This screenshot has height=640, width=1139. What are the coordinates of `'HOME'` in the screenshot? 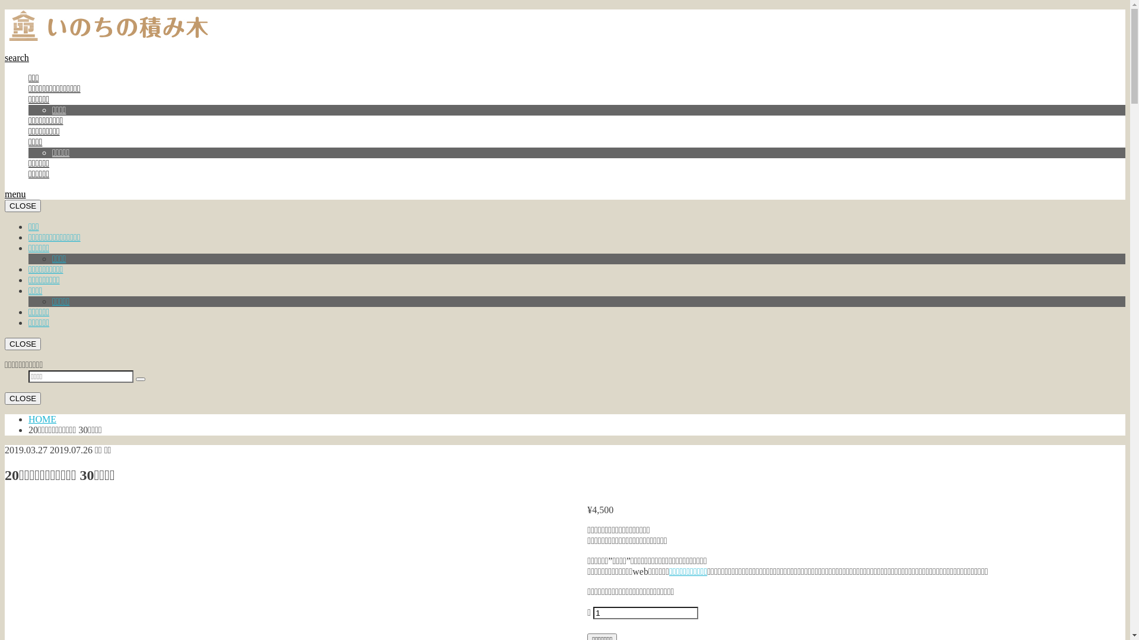 It's located at (42, 418).